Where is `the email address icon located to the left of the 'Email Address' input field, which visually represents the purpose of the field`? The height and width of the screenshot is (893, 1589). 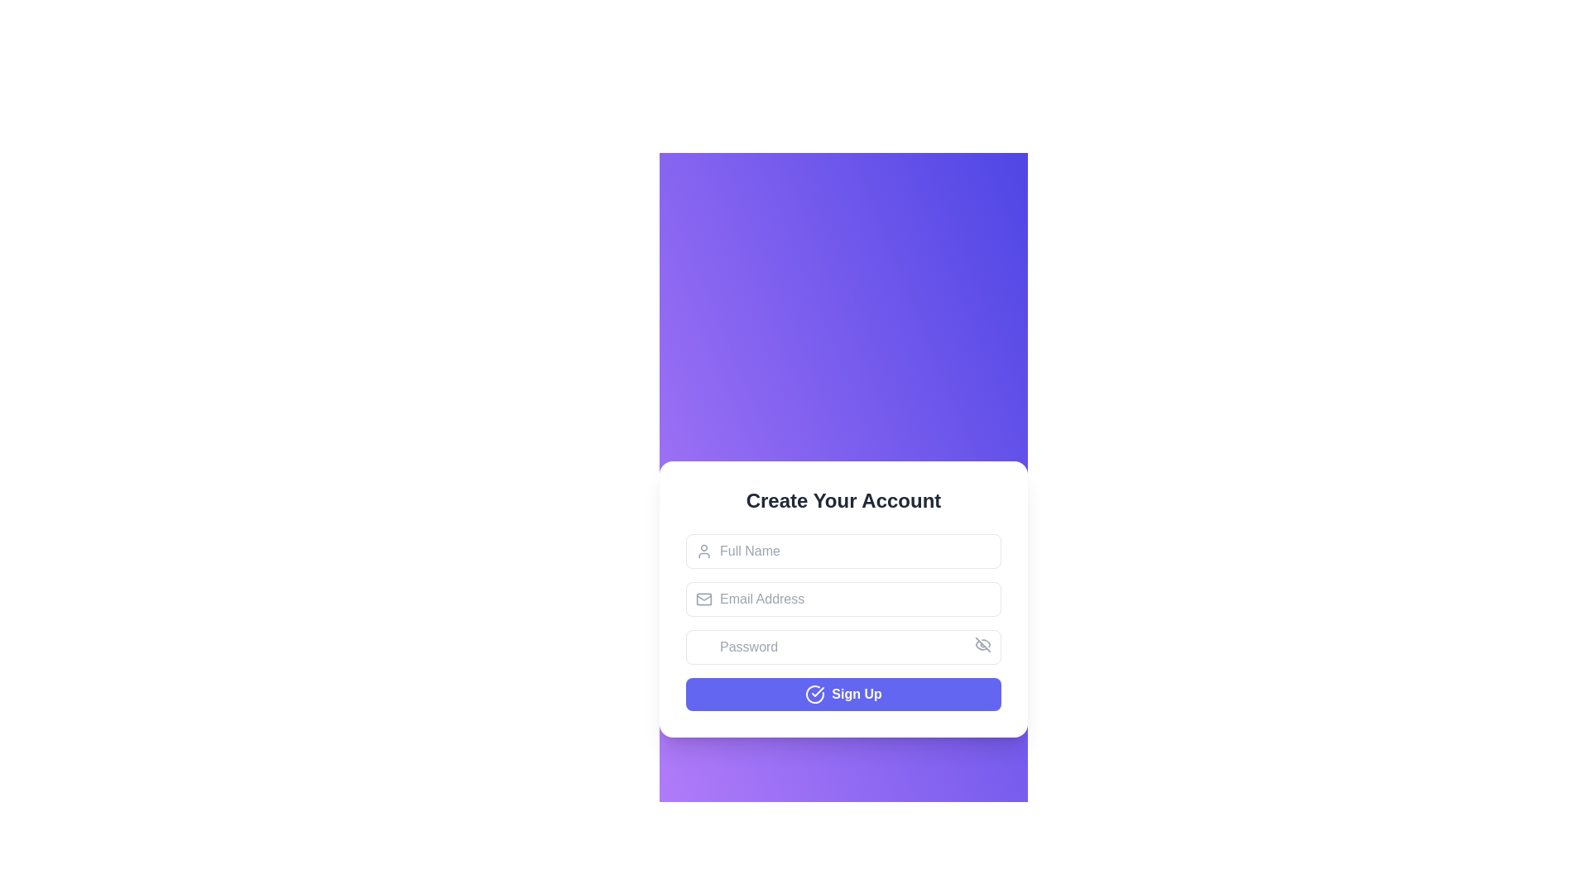
the email address icon located to the left of the 'Email Address' input field, which visually represents the purpose of the field is located at coordinates (703, 599).